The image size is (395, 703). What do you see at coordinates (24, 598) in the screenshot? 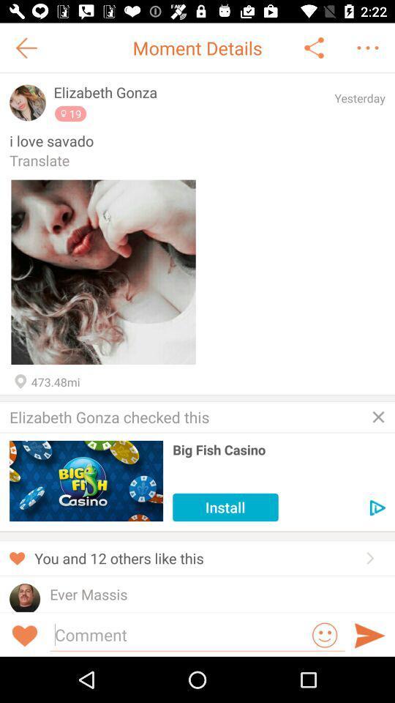
I see `see user 's profile` at bounding box center [24, 598].